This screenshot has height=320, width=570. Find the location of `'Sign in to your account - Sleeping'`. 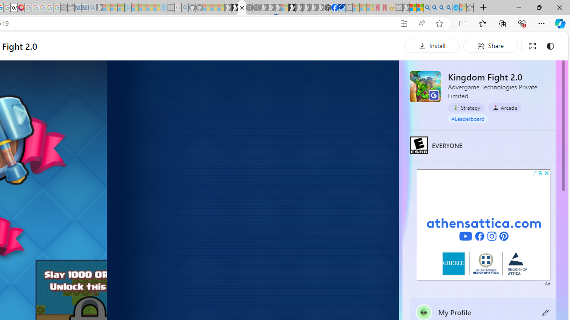

'Sign in to your account - Sleeping' is located at coordinates (284, 8).